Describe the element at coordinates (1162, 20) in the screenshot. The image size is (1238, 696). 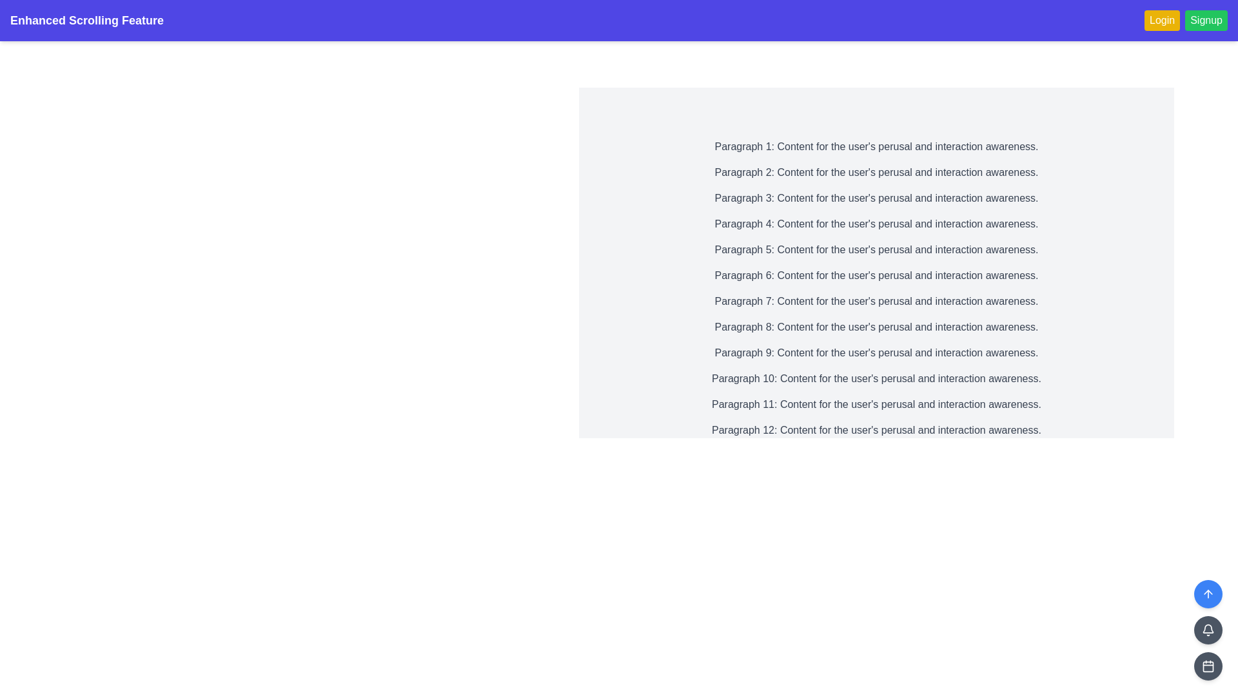
I see `the first button in the top-right corner of the interface` at that location.